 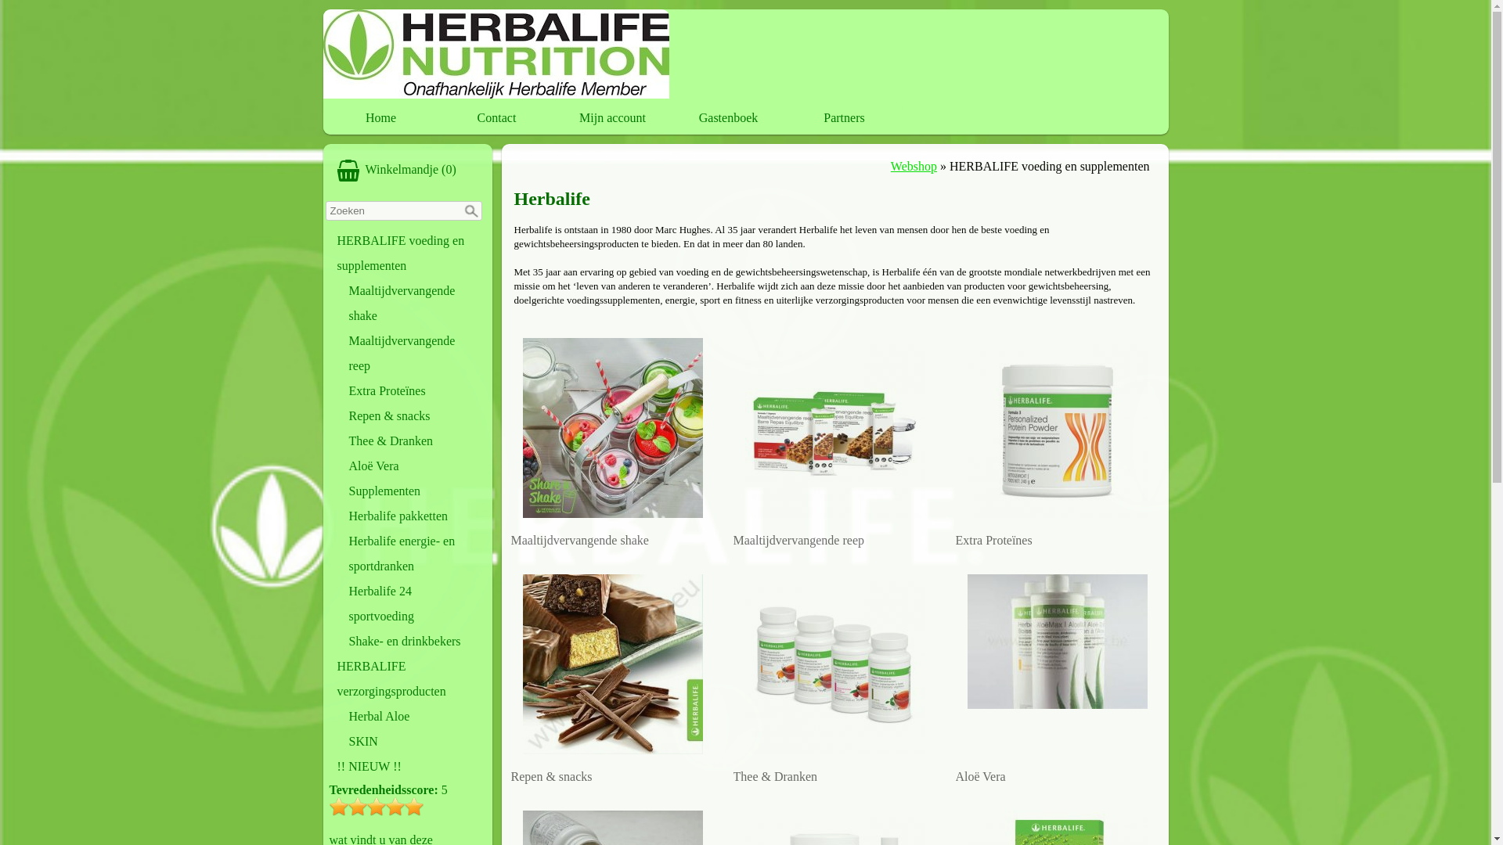 What do you see at coordinates (336, 553) in the screenshot?
I see `'Herbalife energie- en sportdranken'` at bounding box center [336, 553].